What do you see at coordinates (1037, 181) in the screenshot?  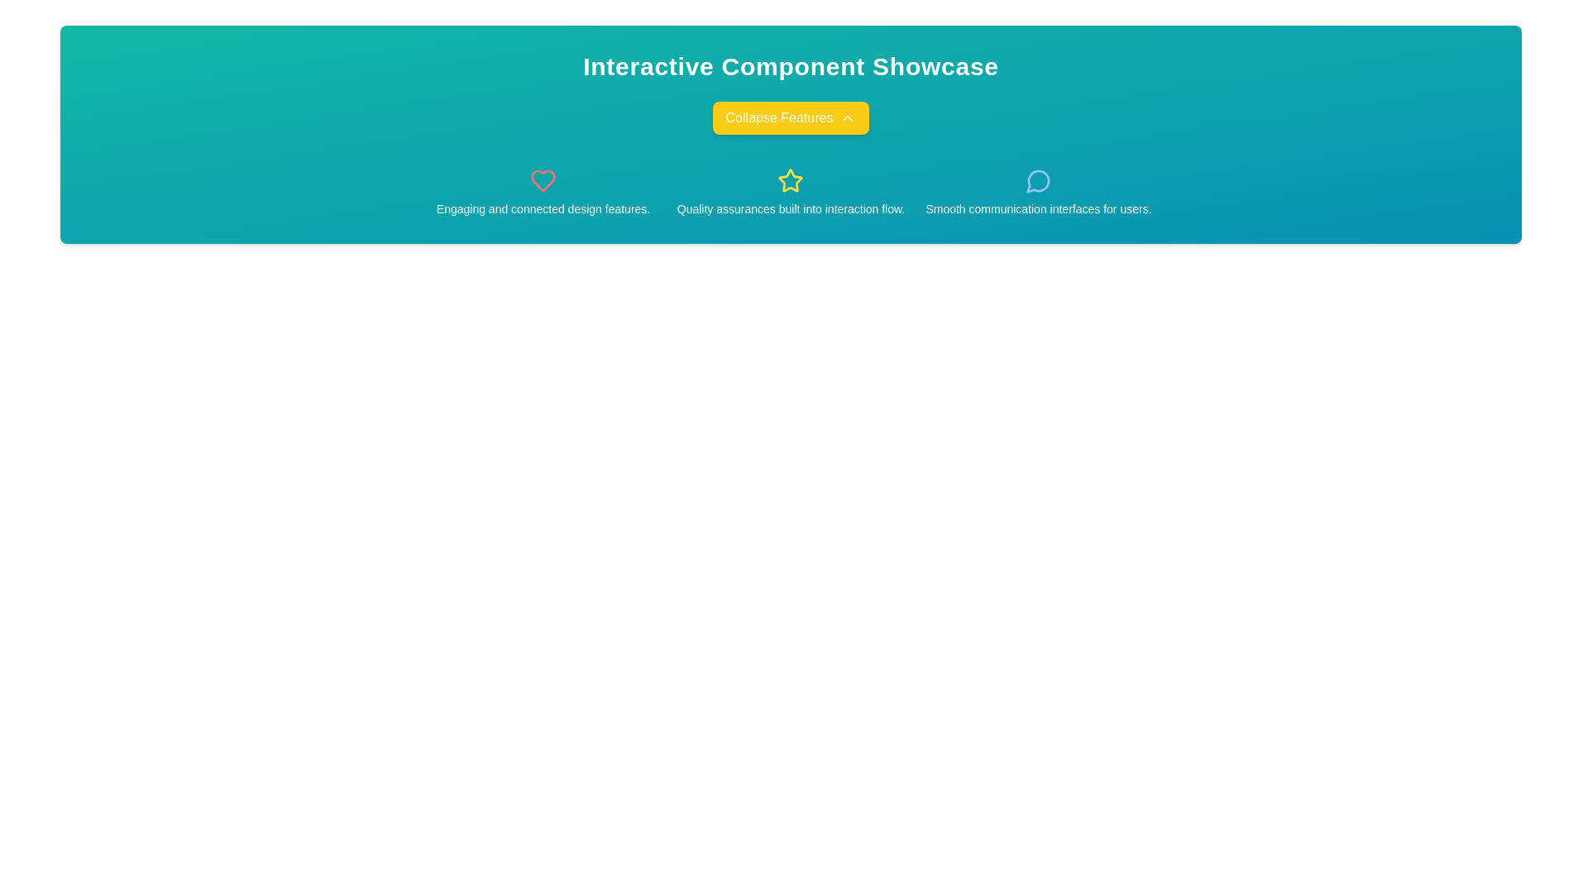 I see `the descriptive text underneath the messaging icon, which is the fourth icon in a row of four interactive symbols` at bounding box center [1037, 181].